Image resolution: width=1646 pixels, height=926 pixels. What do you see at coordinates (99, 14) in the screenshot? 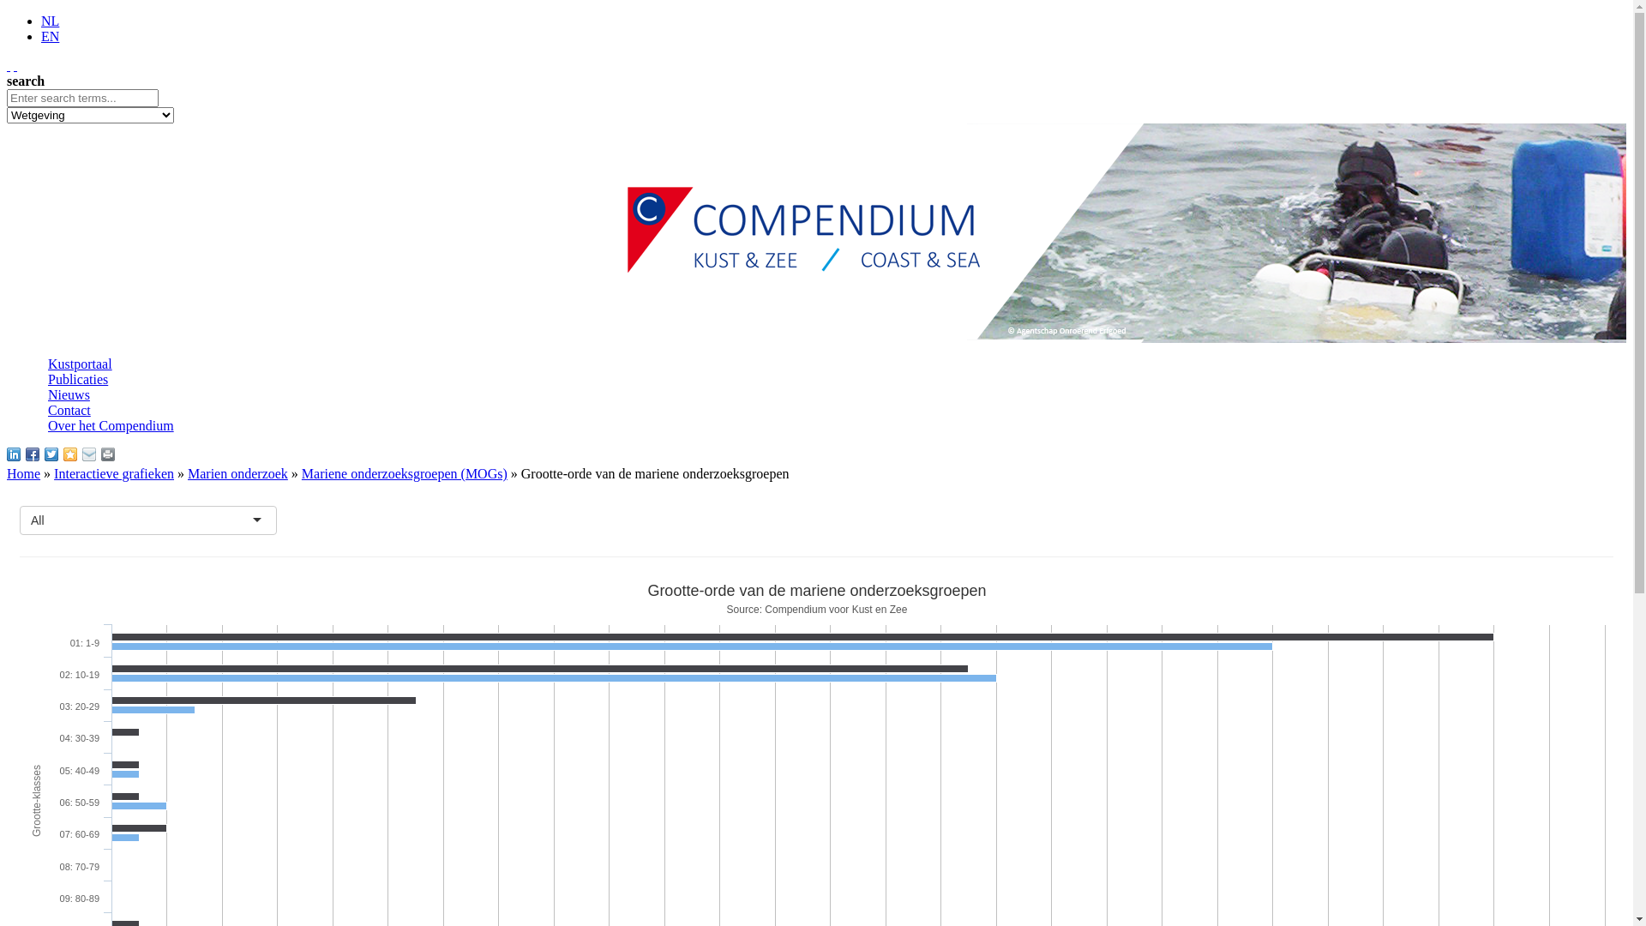
I see `'Overslaan en naar de inhoud gaan'` at bounding box center [99, 14].